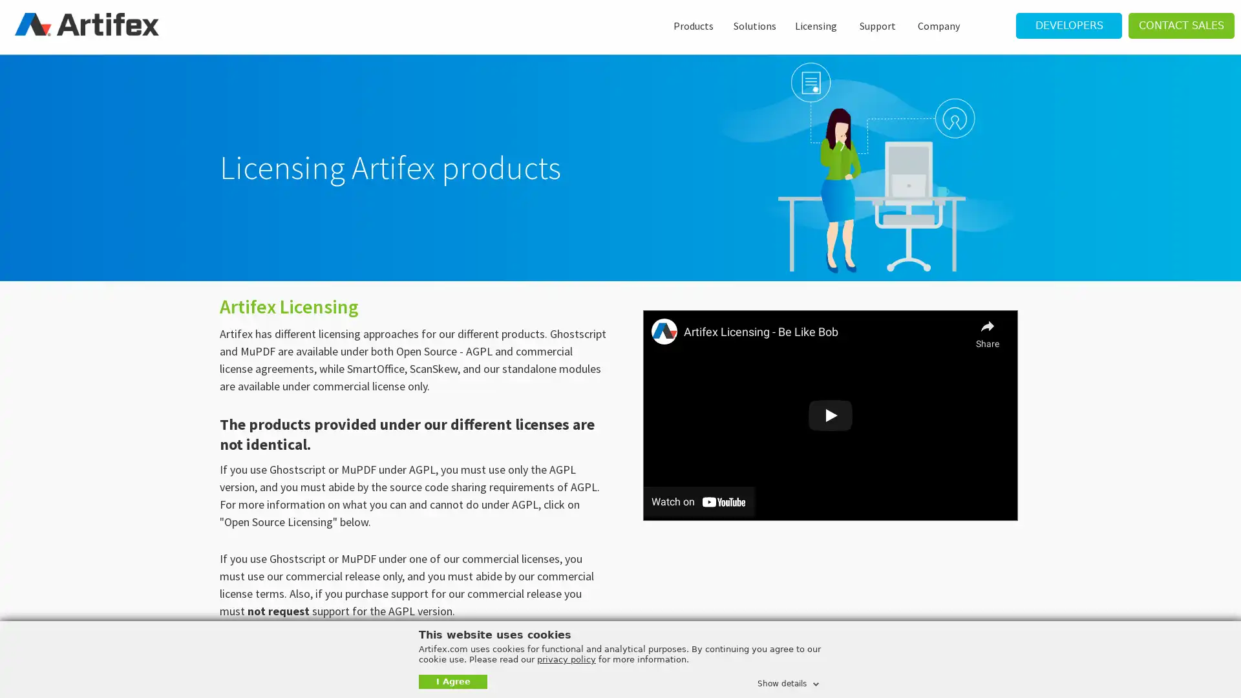 This screenshot has width=1241, height=698. Describe the element at coordinates (1069, 25) in the screenshot. I see `DEVELOPERS` at that location.